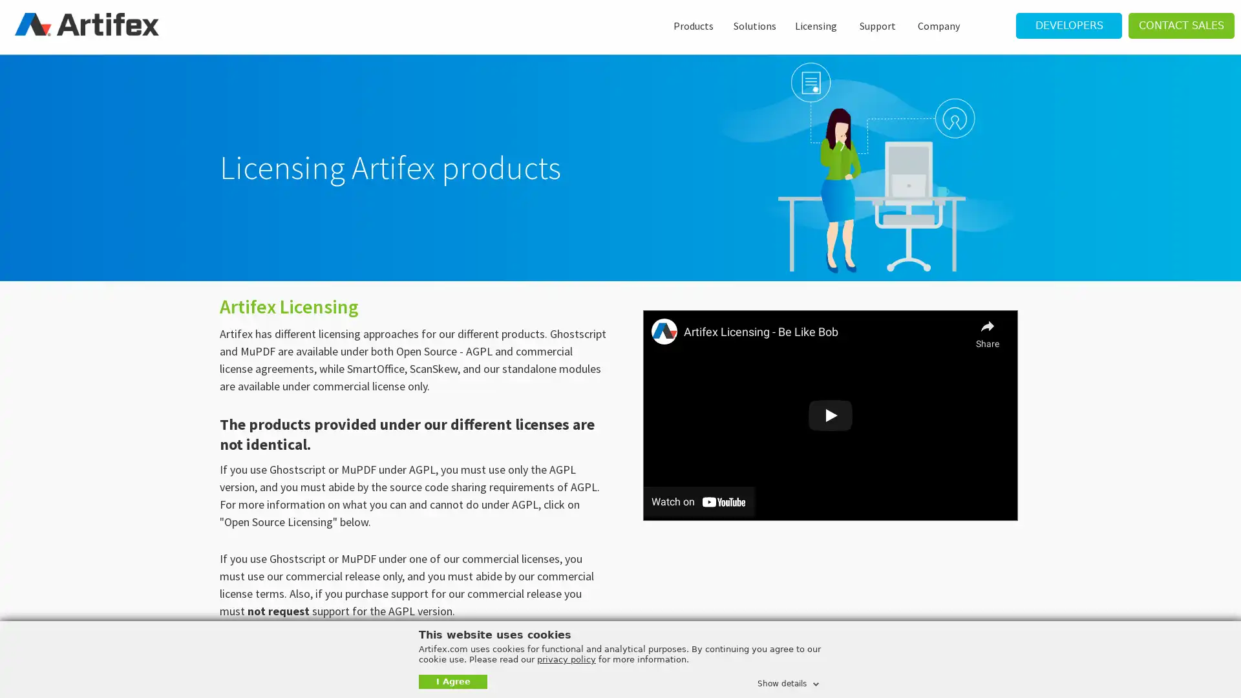 This screenshot has width=1241, height=698. Describe the element at coordinates (1069, 25) in the screenshot. I see `DEVELOPERS` at that location.